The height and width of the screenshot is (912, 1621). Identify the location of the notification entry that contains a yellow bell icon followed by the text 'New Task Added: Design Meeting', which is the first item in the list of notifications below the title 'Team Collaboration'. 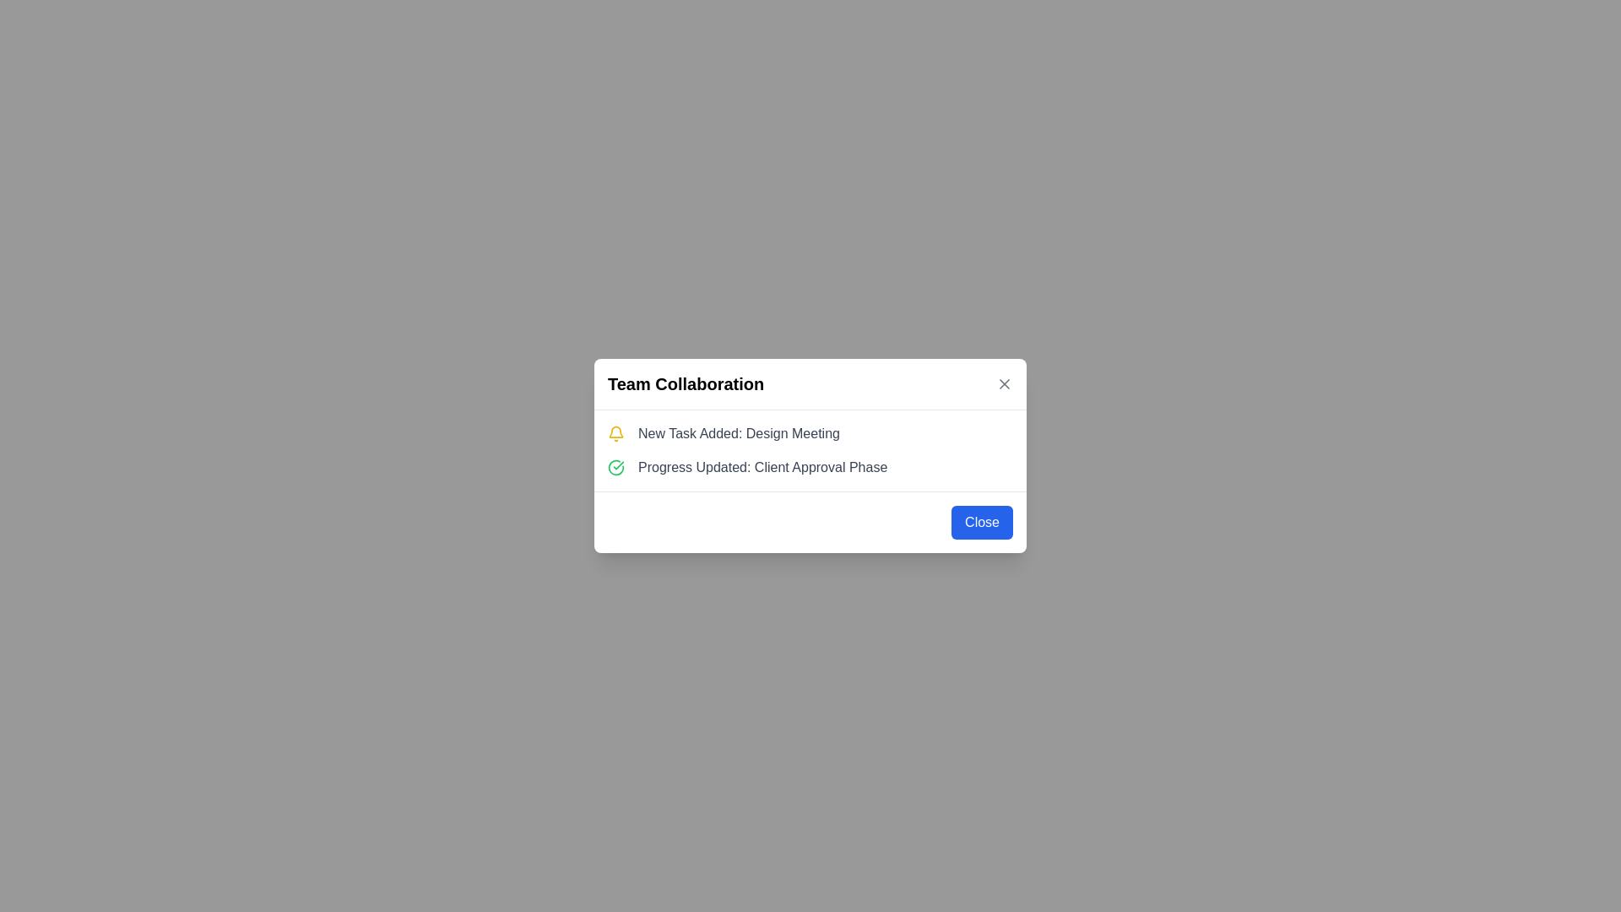
(810, 432).